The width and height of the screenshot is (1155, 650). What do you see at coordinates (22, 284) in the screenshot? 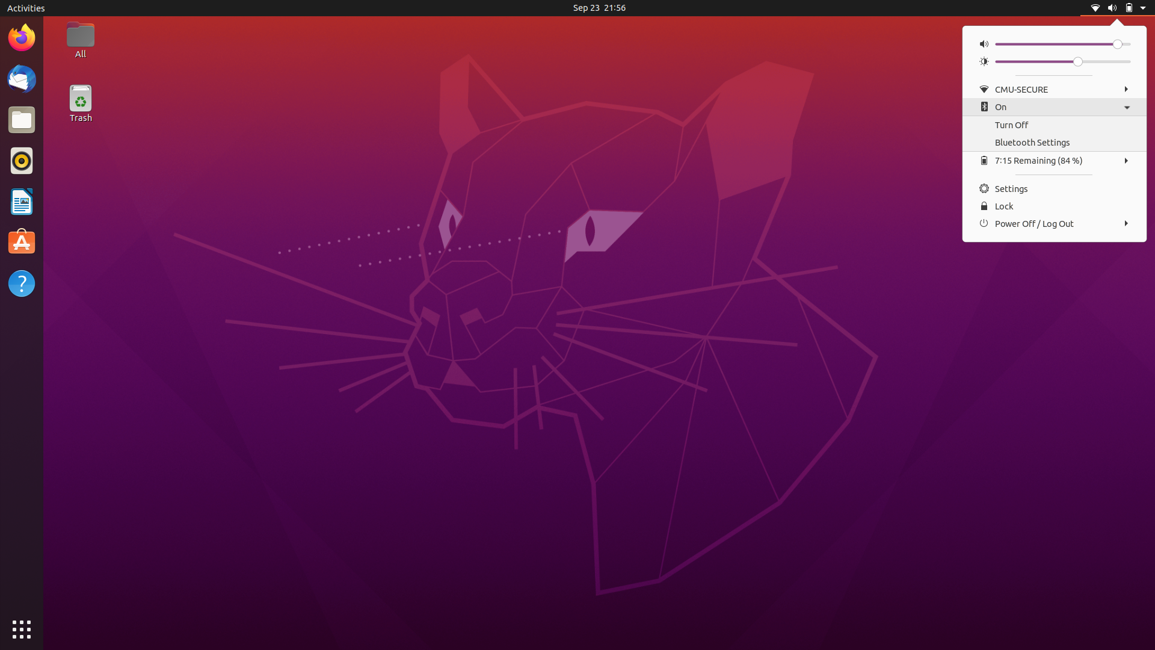
I see `Help software` at bounding box center [22, 284].